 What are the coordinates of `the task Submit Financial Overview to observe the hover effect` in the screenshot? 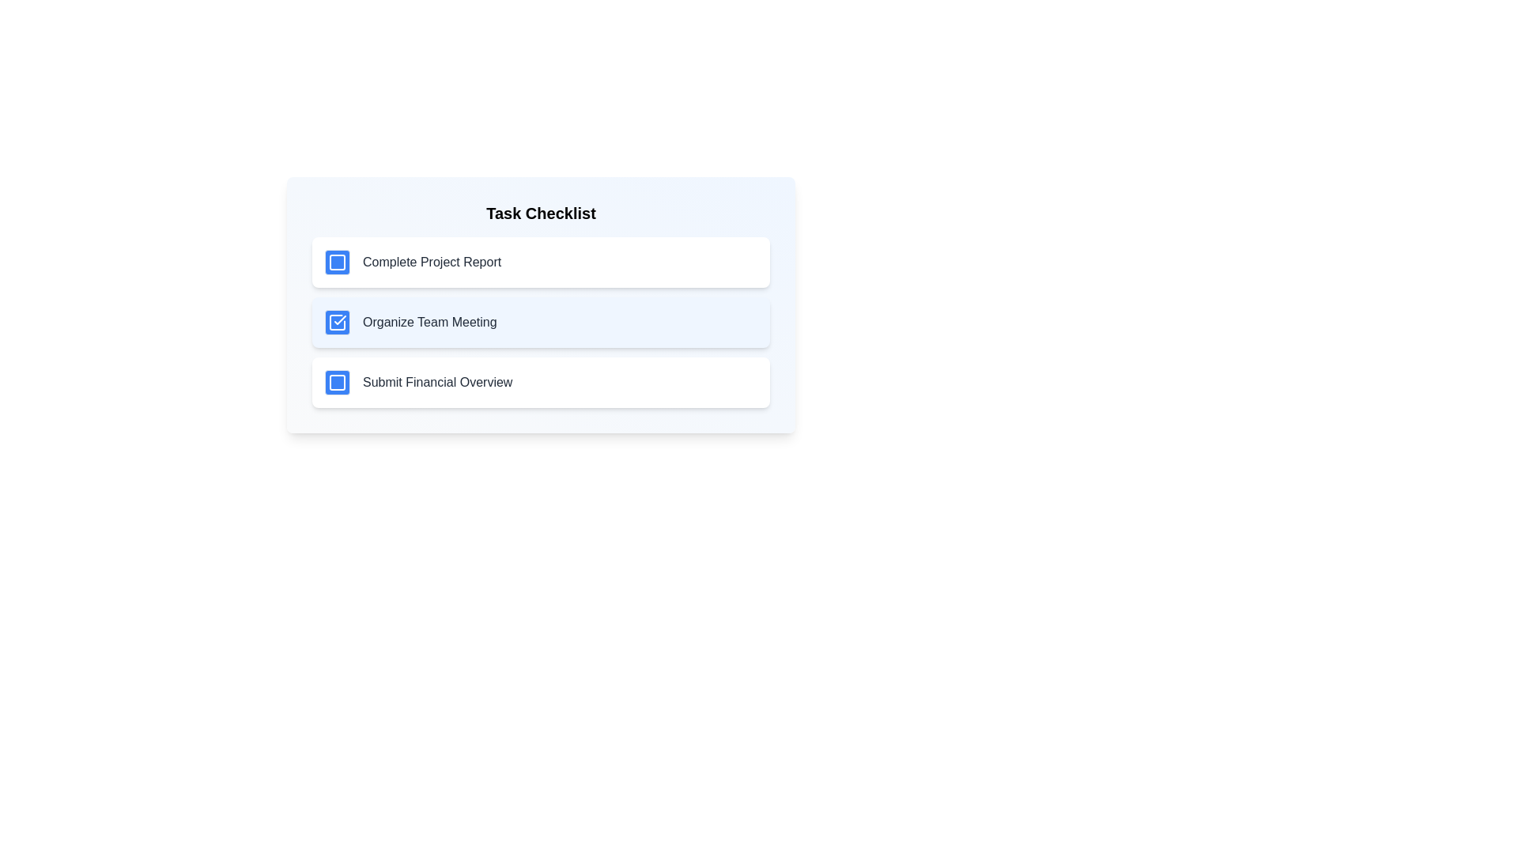 It's located at (541, 382).